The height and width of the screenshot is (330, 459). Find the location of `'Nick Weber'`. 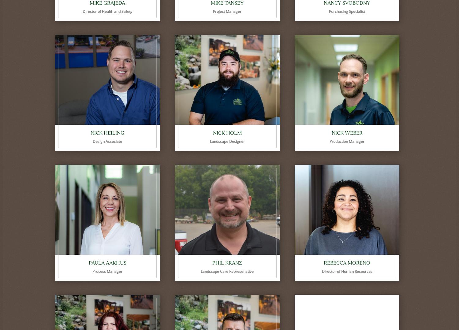

'Nick Weber' is located at coordinates (331, 133).